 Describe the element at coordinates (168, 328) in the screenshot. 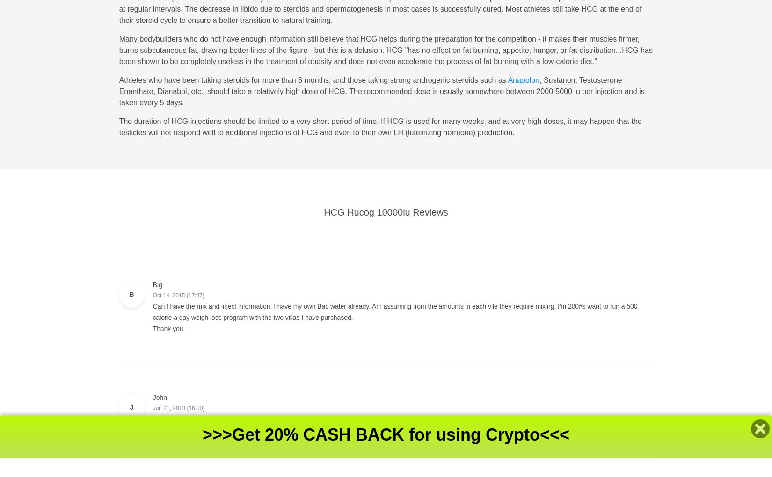

I see `'Thank you.'` at that location.